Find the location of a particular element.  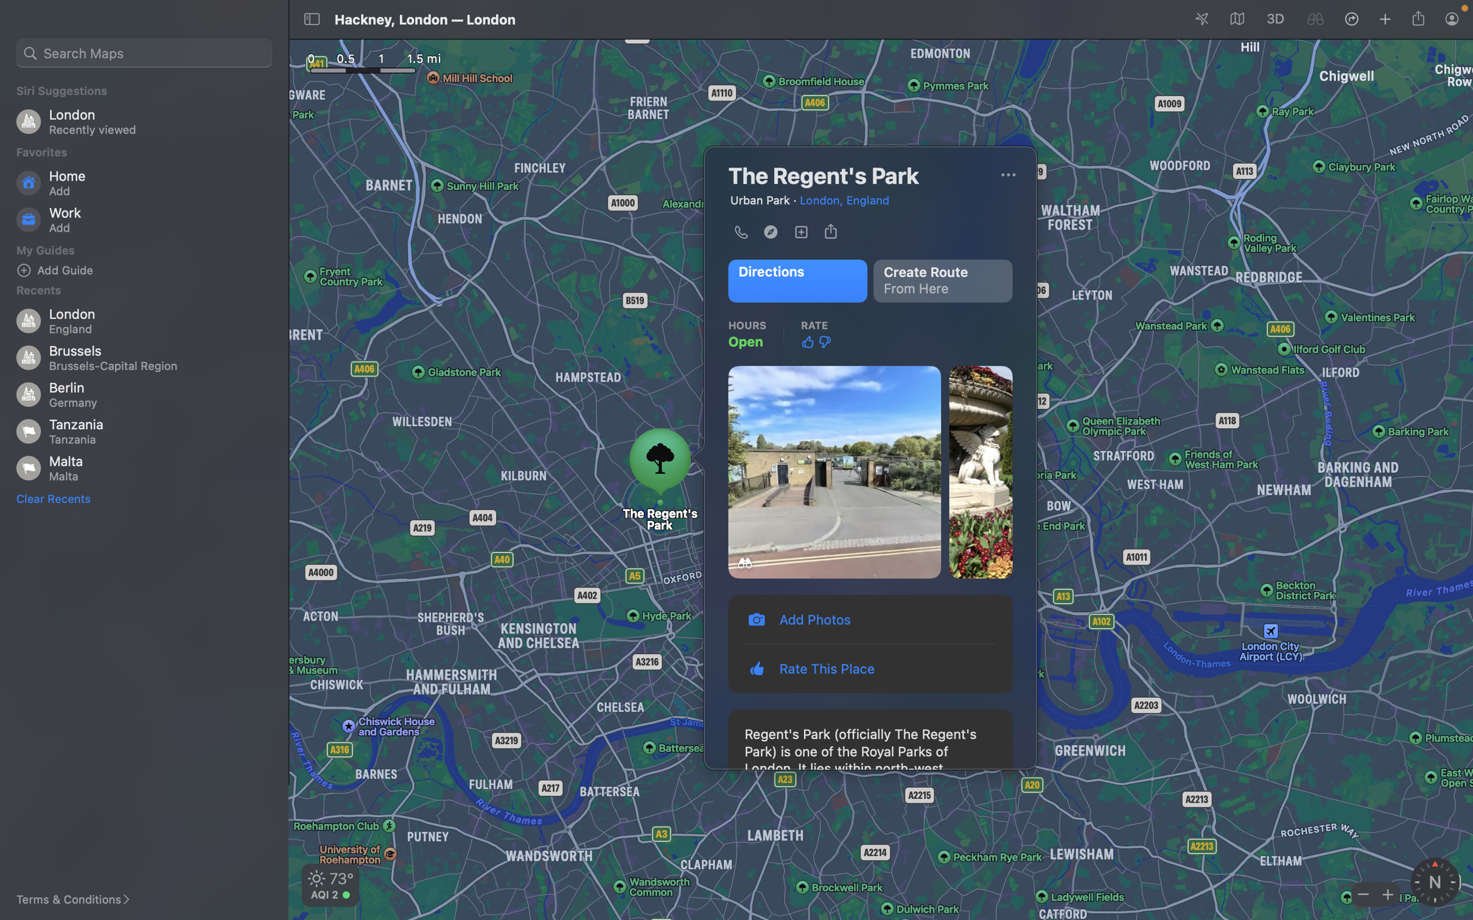

Navigate through user reviews about the location is located at coordinates (2507782, 858820).